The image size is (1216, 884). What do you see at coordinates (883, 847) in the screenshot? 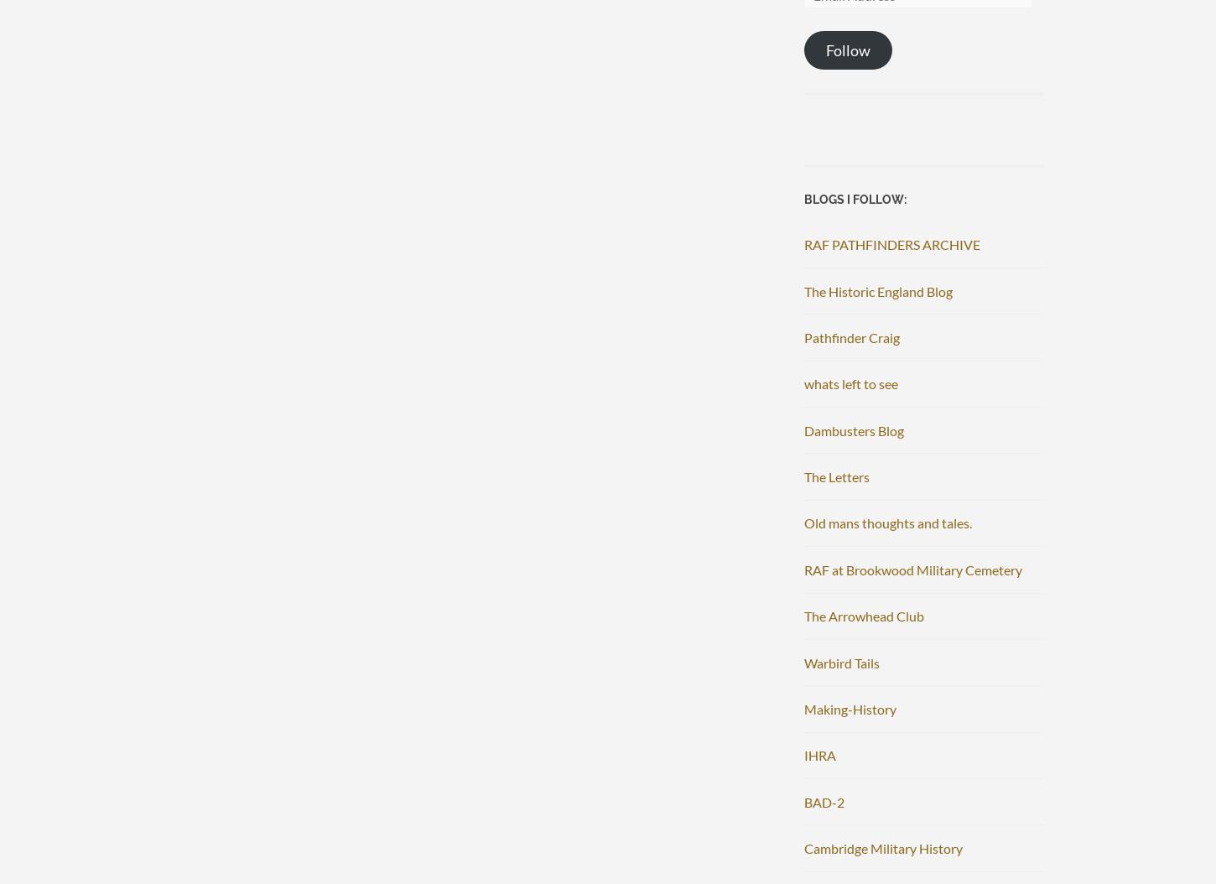
I see `'Cambridge Military History'` at bounding box center [883, 847].